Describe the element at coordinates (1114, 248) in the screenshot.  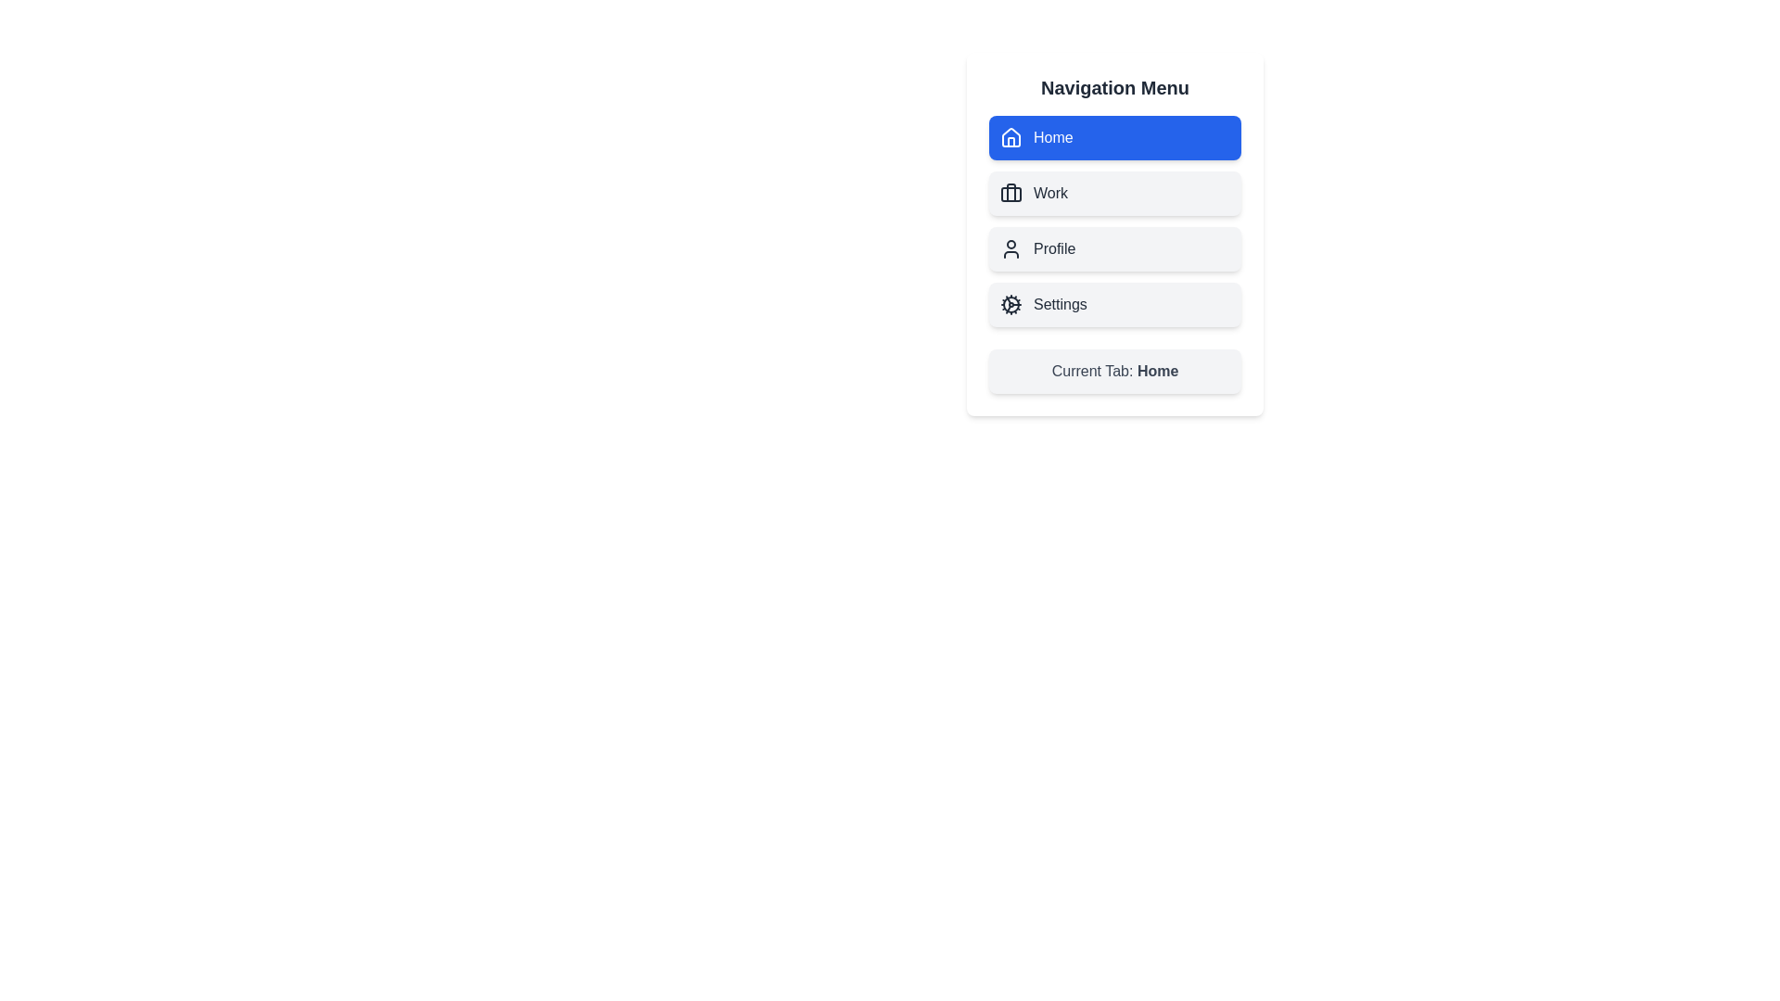
I see `the menu item labeled Profile` at that location.